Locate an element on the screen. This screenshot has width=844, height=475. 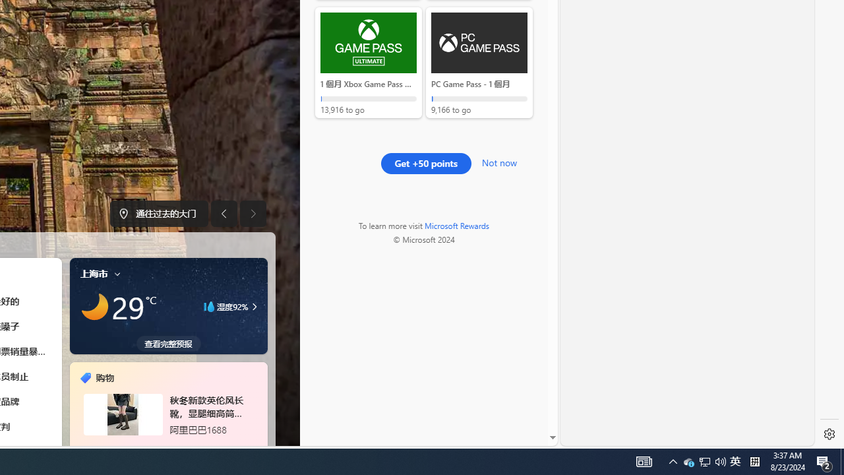
'Previous image' is located at coordinates (224, 213).